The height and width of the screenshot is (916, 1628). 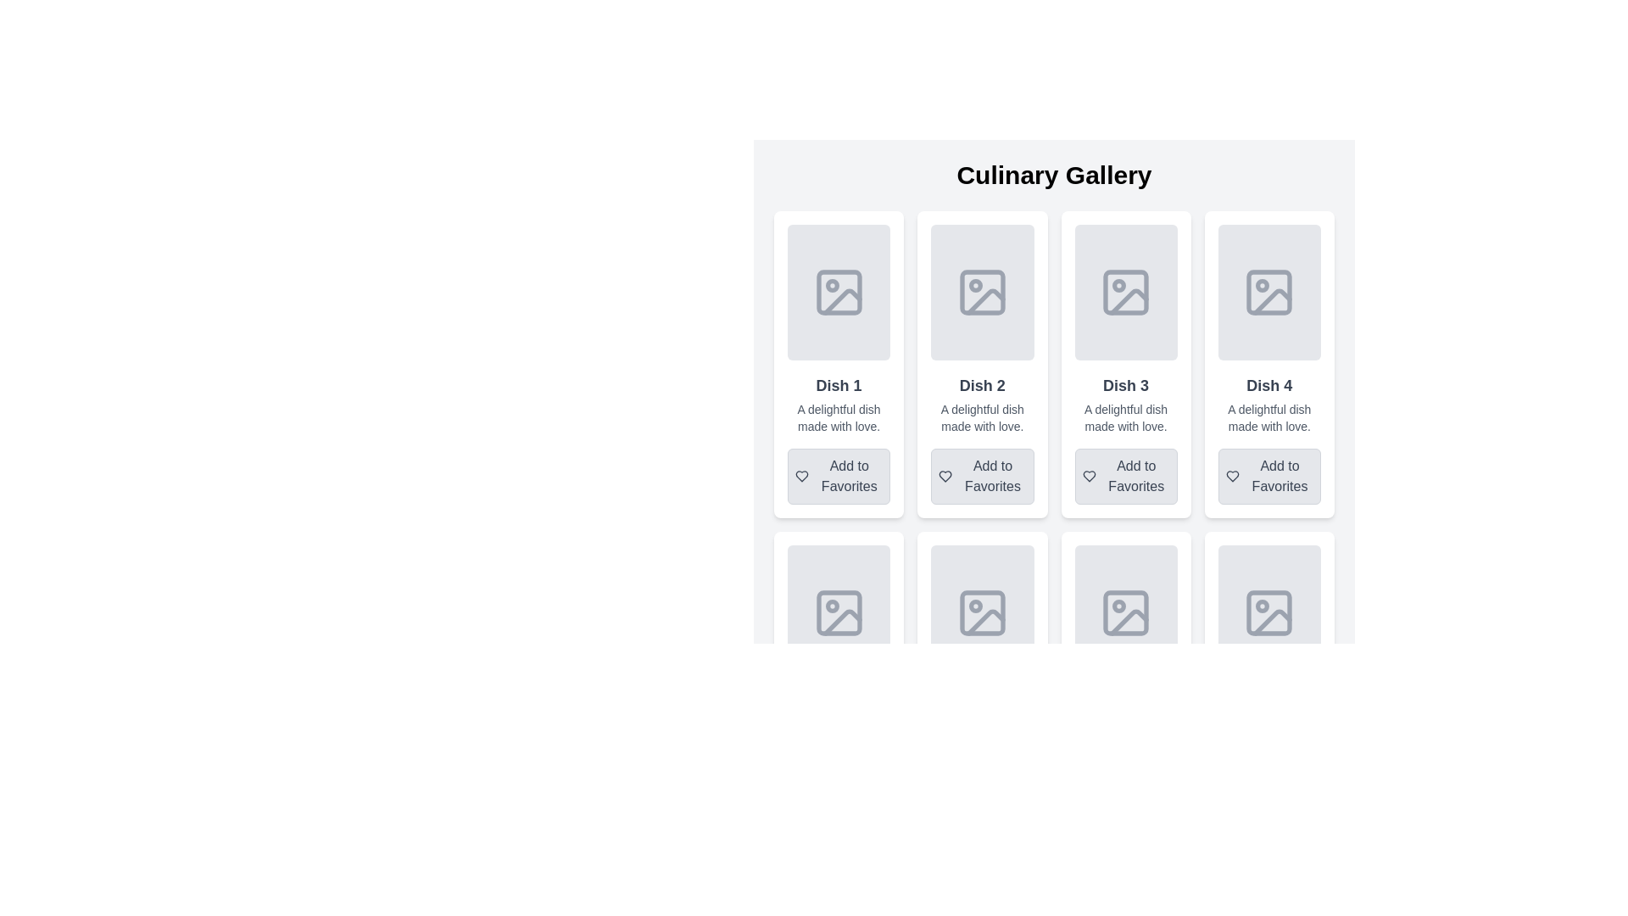 I want to click on the button with a heart icon and the text 'Add to Favorites' located at the lower section of the card labeled 'Dish 2', so click(x=982, y=477).